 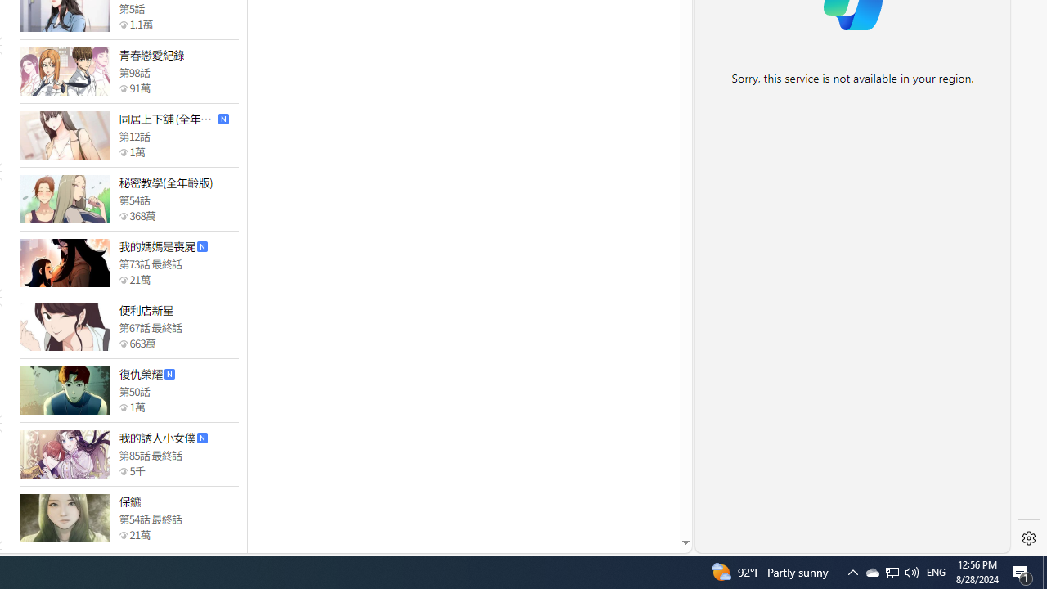 I want to click on 'Class: epicon_starpoint', so click(x=123, y=534).